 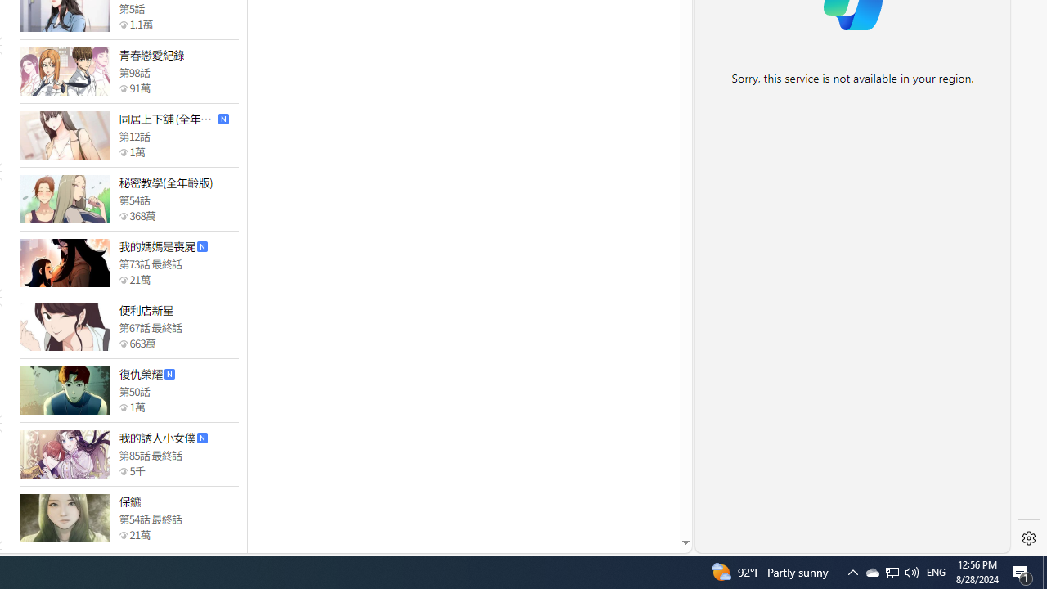 I want to click on 'Class: epicon_starpoint', so click(x=123, y=534).